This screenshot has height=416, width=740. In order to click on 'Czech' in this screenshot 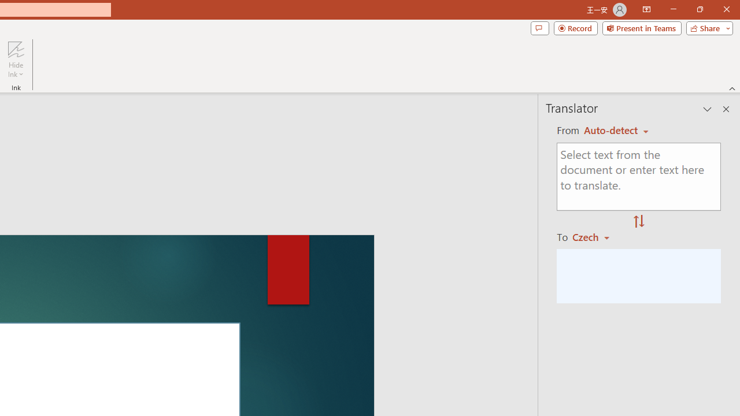, I will do `click(596, 236)`.